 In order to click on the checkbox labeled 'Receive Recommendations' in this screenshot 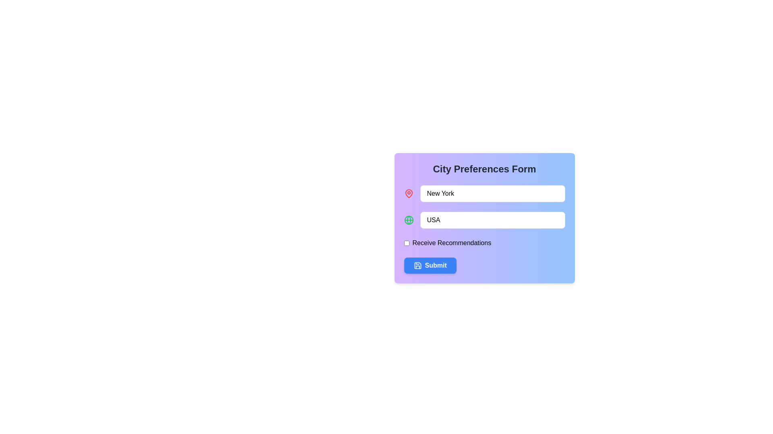, I will do `click(484, 243)`.